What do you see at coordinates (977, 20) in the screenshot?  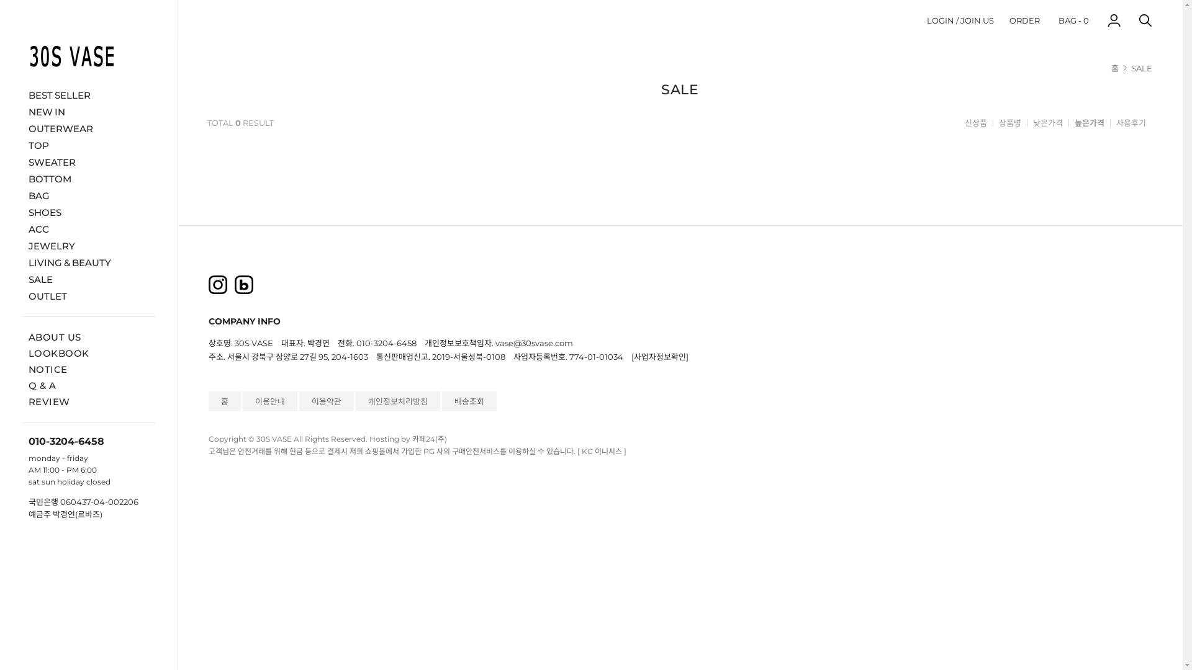 I see `'JOIN US'` at bounding box center [977, 20].